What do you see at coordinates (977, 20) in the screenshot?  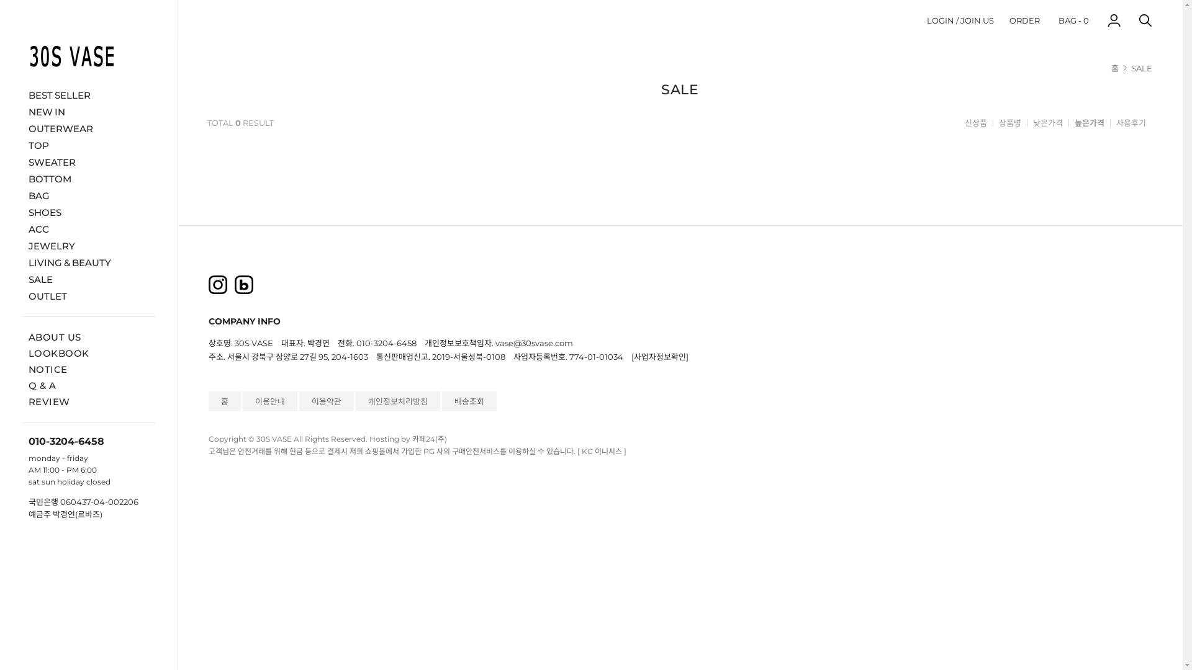 I see `'JOIN US'` at bounding box center [977, 20].